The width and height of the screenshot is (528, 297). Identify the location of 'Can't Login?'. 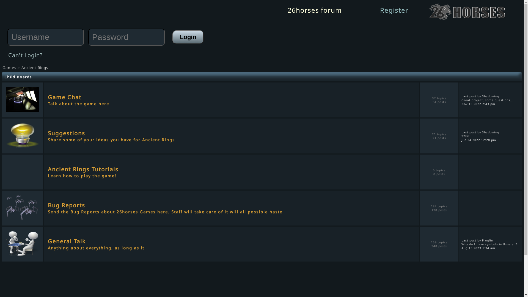
(25, 55).